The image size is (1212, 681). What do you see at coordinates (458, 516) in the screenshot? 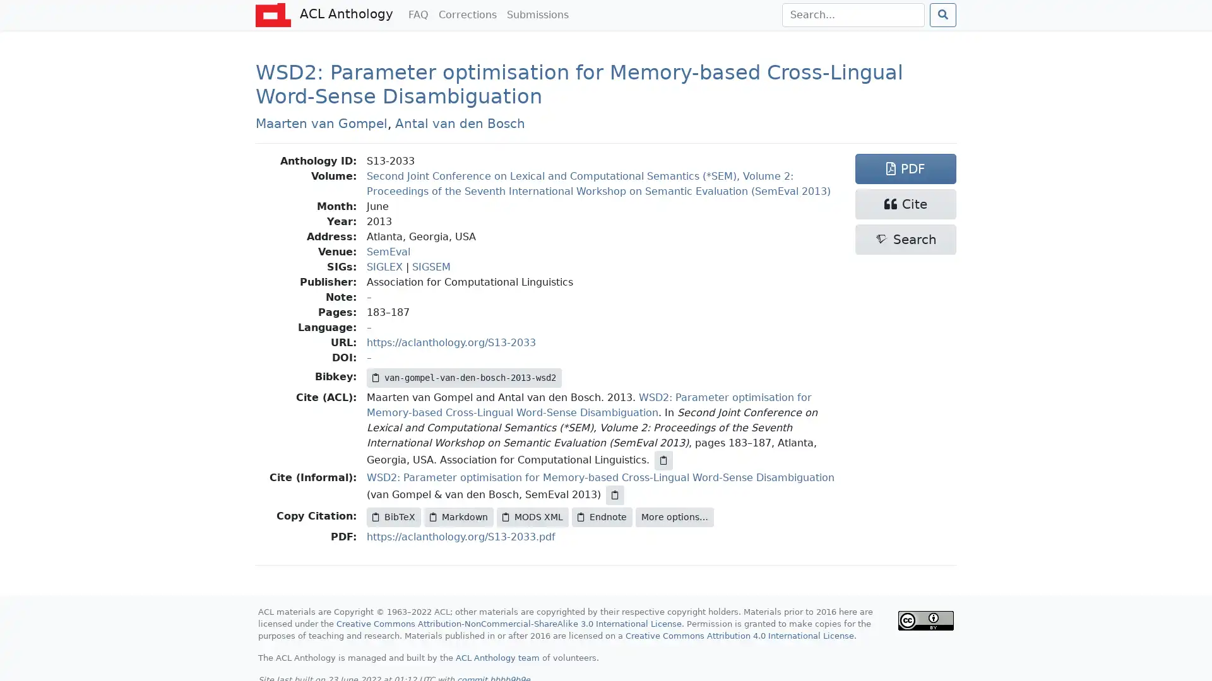
I see `Markdown` at bounding box center [458, 516].